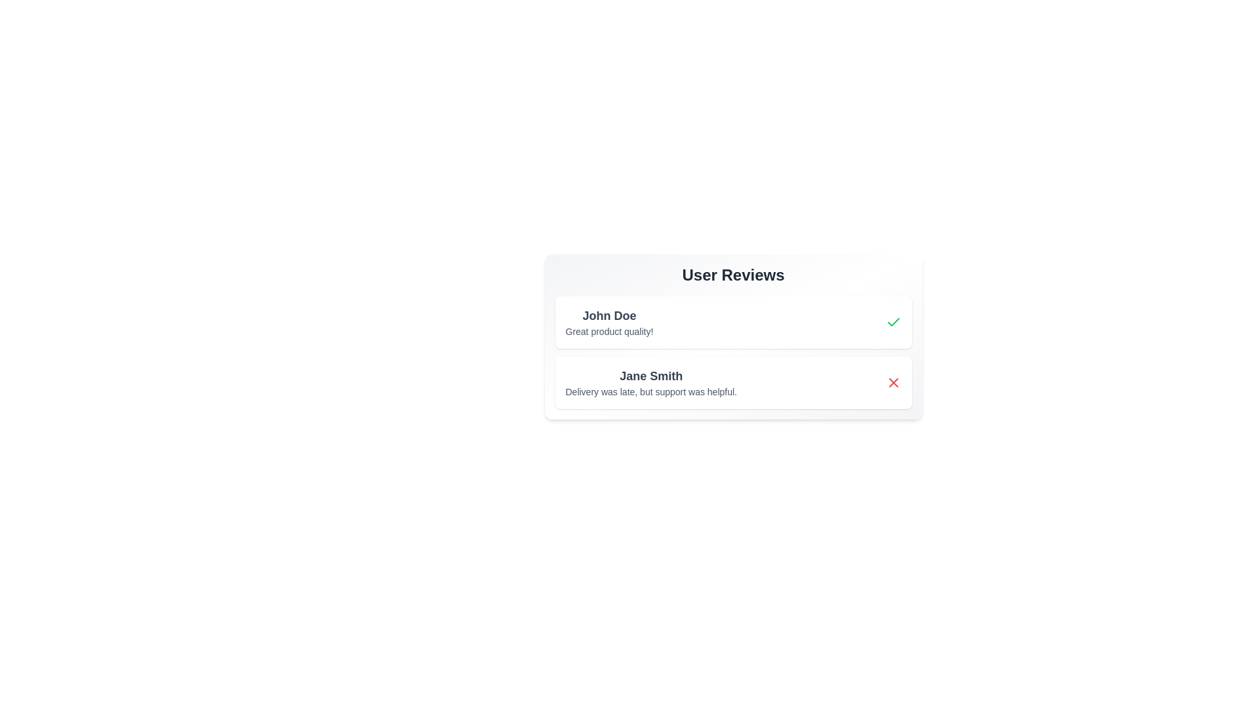  I want to click on the secondary text element that reads 'Delivery was late, but support was helpful.' located below 'Jane Smith' in the user review section, so click(651, 391).